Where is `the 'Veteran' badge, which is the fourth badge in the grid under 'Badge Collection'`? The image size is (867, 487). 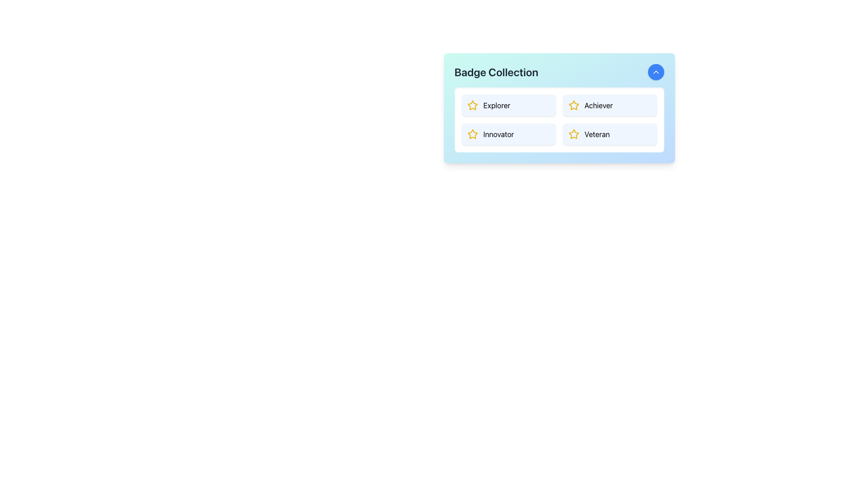
the 'Veteran' badge, which is the fourth badge in the grid under 'Badge Collection' is located at coordinates (610, 134).